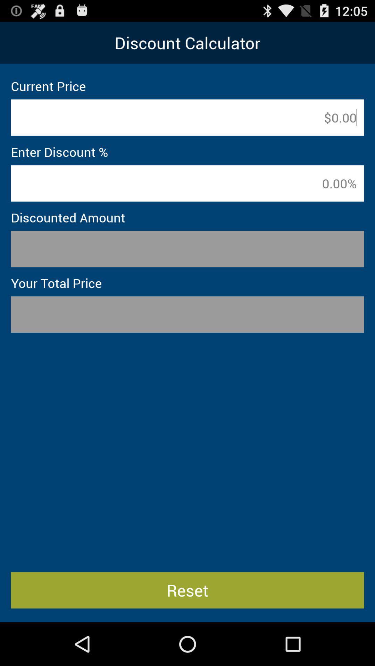  I want to click on reset item, so click(187, 590).